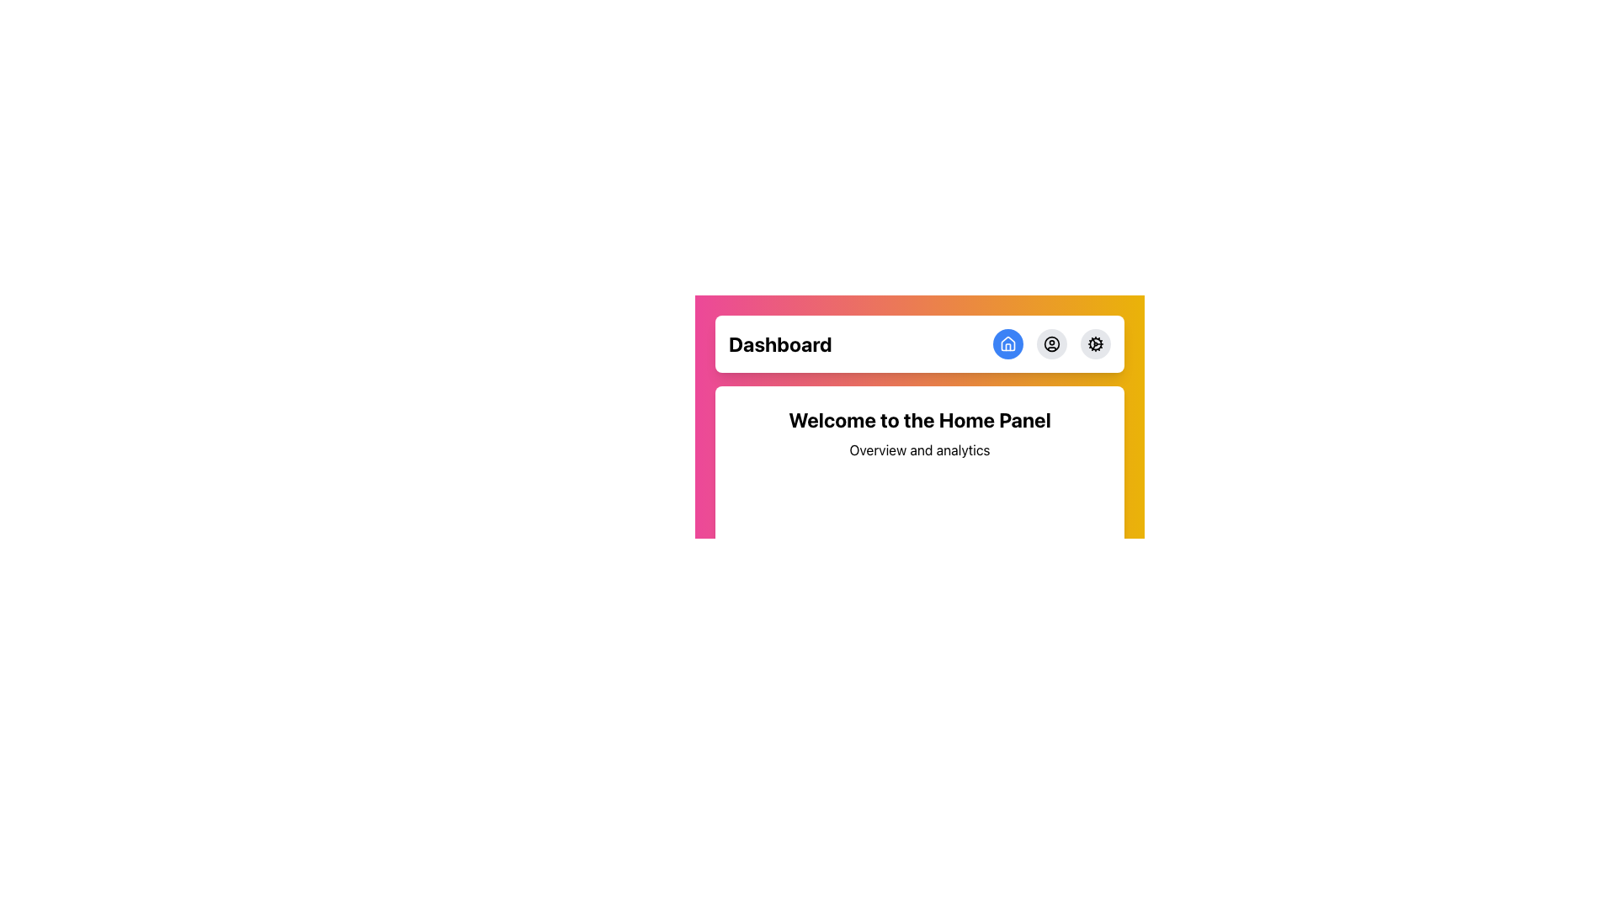 This screenshot has height=909, width=1616. Describe the element at coordinates (919, 418) in the screenshot. I see `the bold heading 'Welcome` at that location.